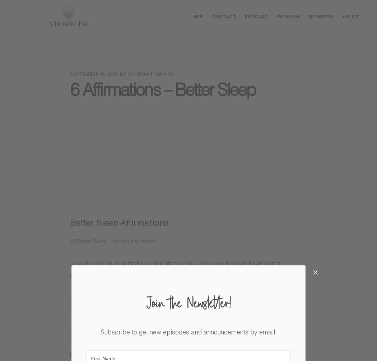  What do you see at coordinates (119, 224) in the screenshot?
I see `'Better Sleep Affirmations'` at bounding box center [119, 224].